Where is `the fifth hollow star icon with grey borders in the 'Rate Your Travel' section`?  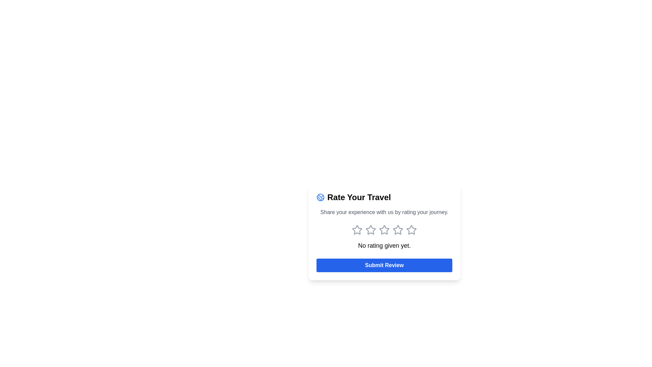 the fifth hollow star icon with grey borders in the 'Rate Your Travel' section is located at coordinates (411, 229).